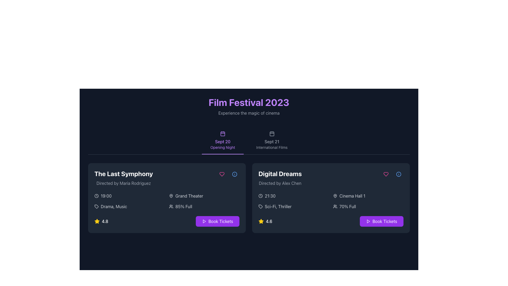  Describe the element at coordinates (248, 113) in the screenshot. I see `the static text element that provides a tagline or descriptive message beneath the headline 'Film Festival 2023'` at that location.